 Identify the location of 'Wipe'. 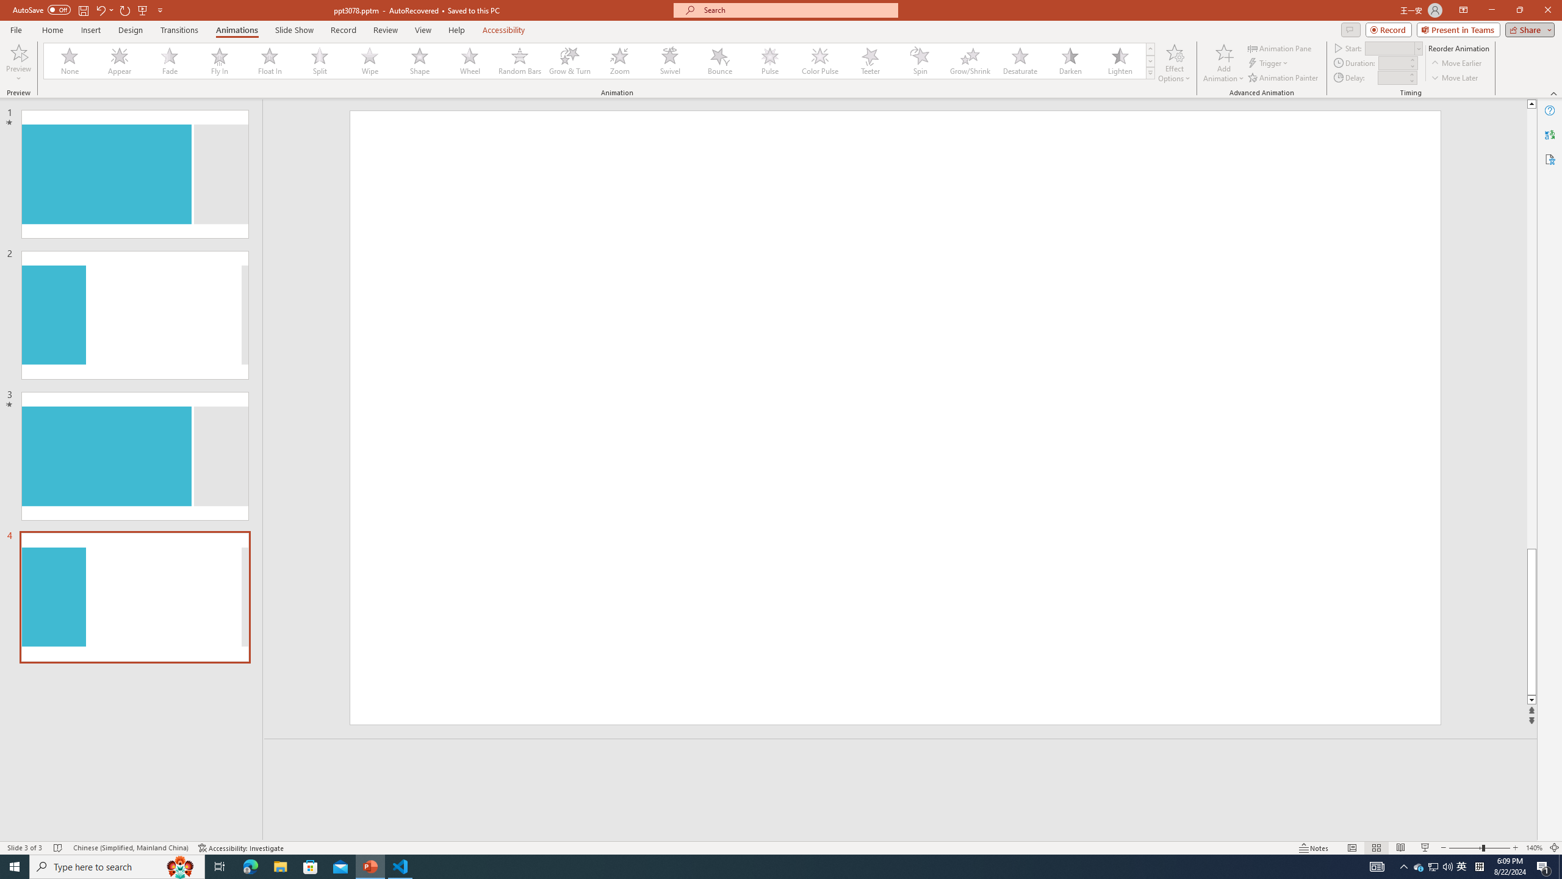
(370, 60).